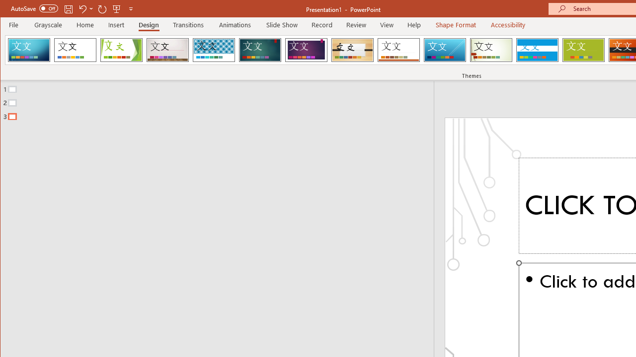 The image size is (636, 357). Describe the element at coordinates (102, 8) in the screenshot. I see `'Redo'` at that location.